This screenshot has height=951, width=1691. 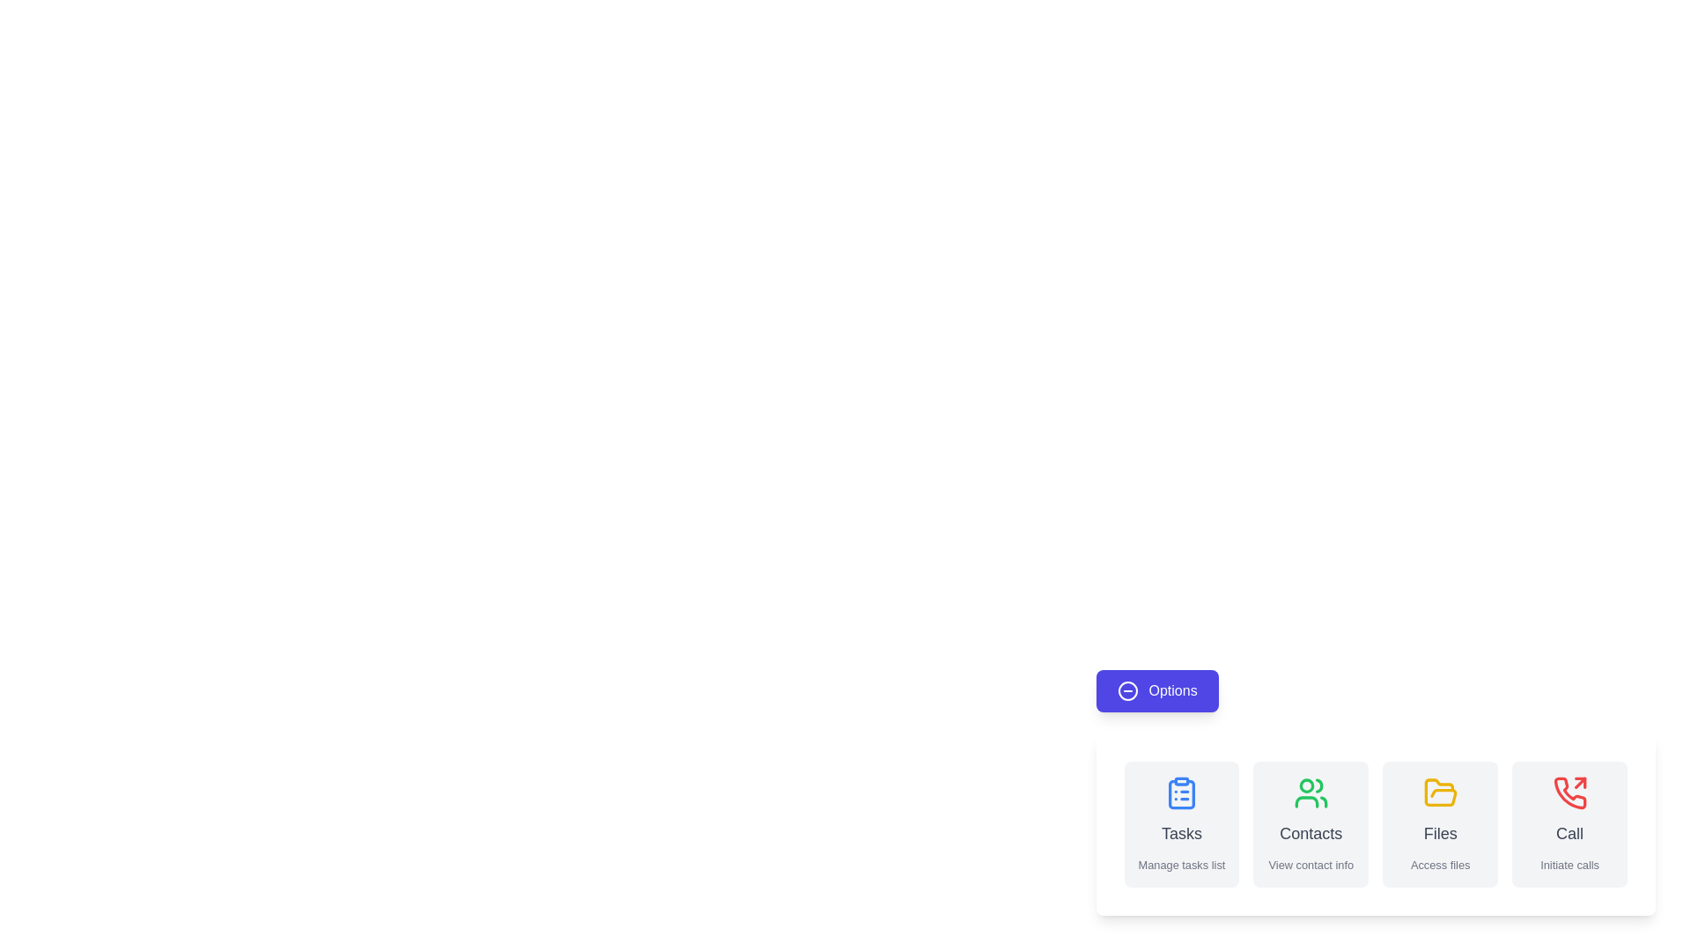 I want to click on the 'Options' button to observe its hover effect, so click(x=1157, y=689).